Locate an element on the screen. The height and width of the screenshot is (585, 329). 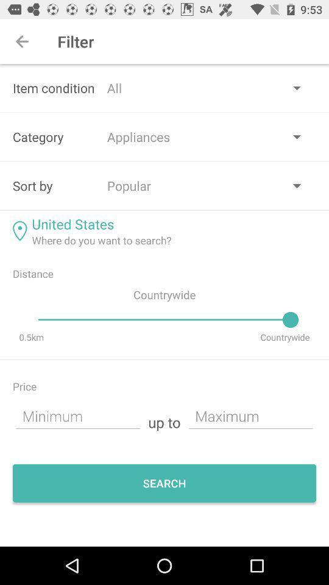
minimum of the option is located at coordinates (78, 416).